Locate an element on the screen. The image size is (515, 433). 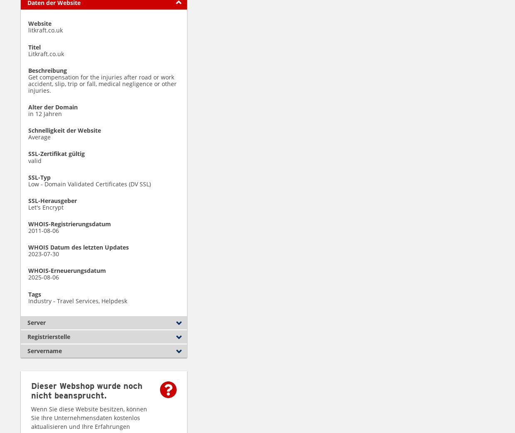
'Litkraft.co.uk' is located at coordinates (46, 53).